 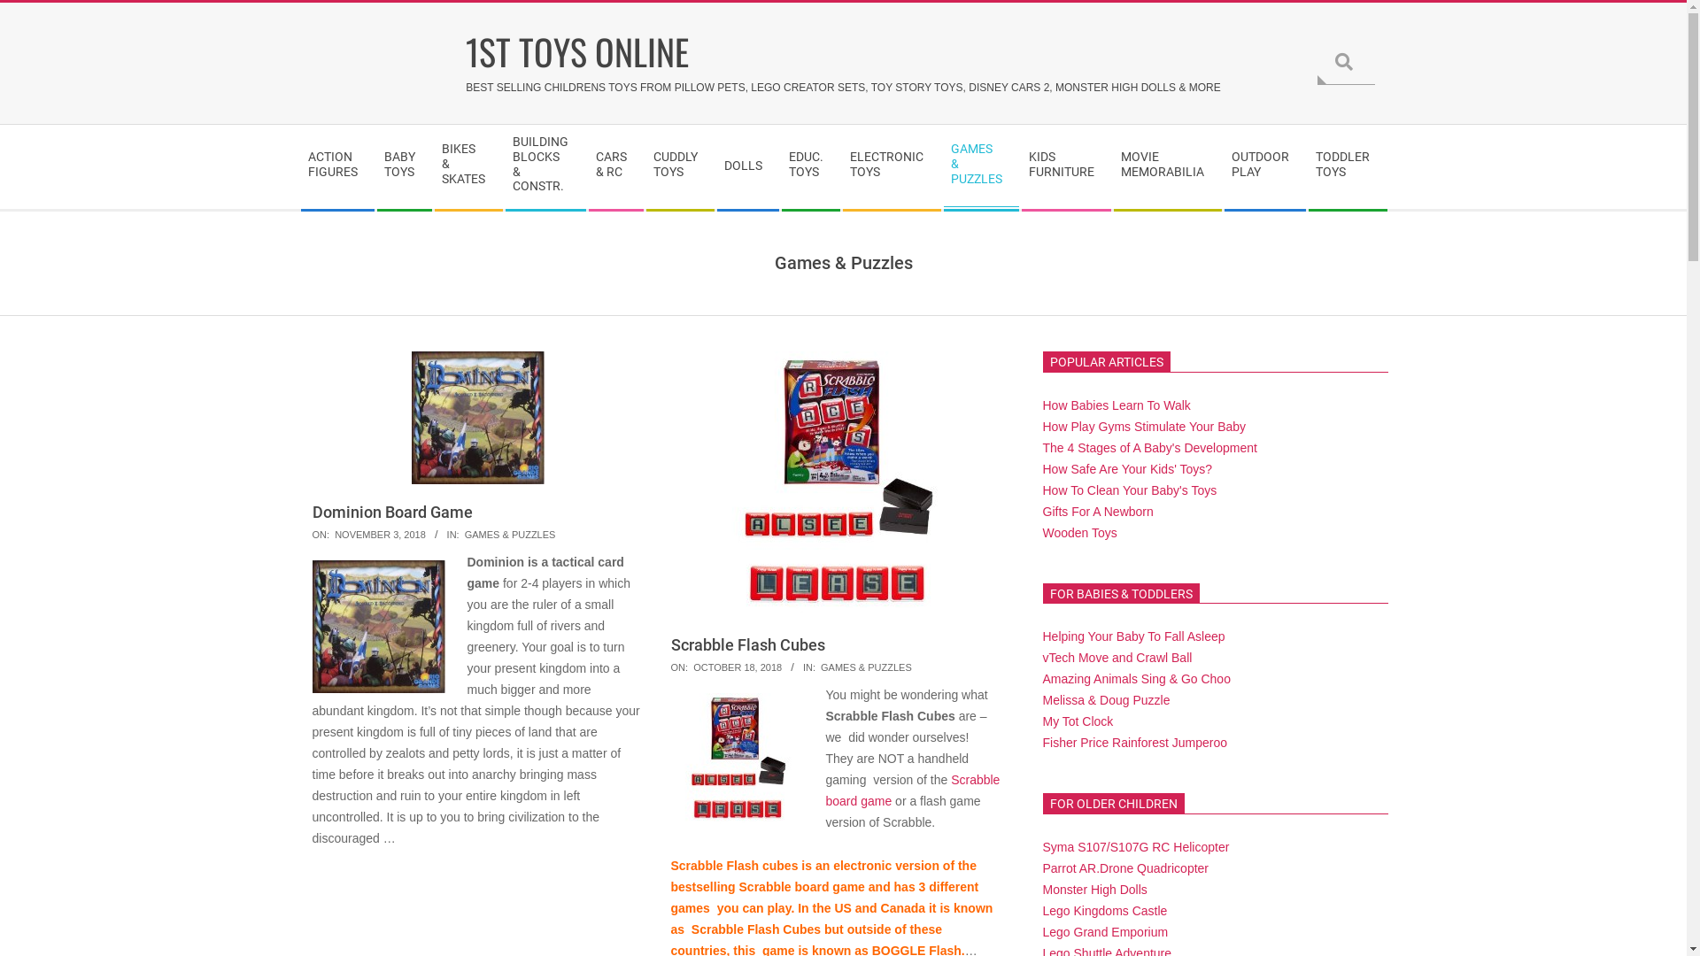 I want to click on 'Fisher Price Rainforest Jumperoo', so click(x=1135, y=743).